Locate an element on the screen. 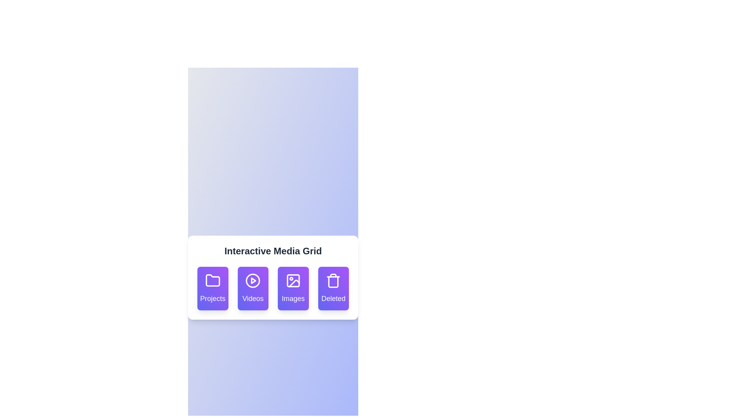 The width and height of the screenshot is (746, 420). the Non-interactive card labeled 'Deleted' that features a gradient background from indigo to purple with a white trash bin icon and the word 'Deleted' in white text is located at coordinates (333, 288).